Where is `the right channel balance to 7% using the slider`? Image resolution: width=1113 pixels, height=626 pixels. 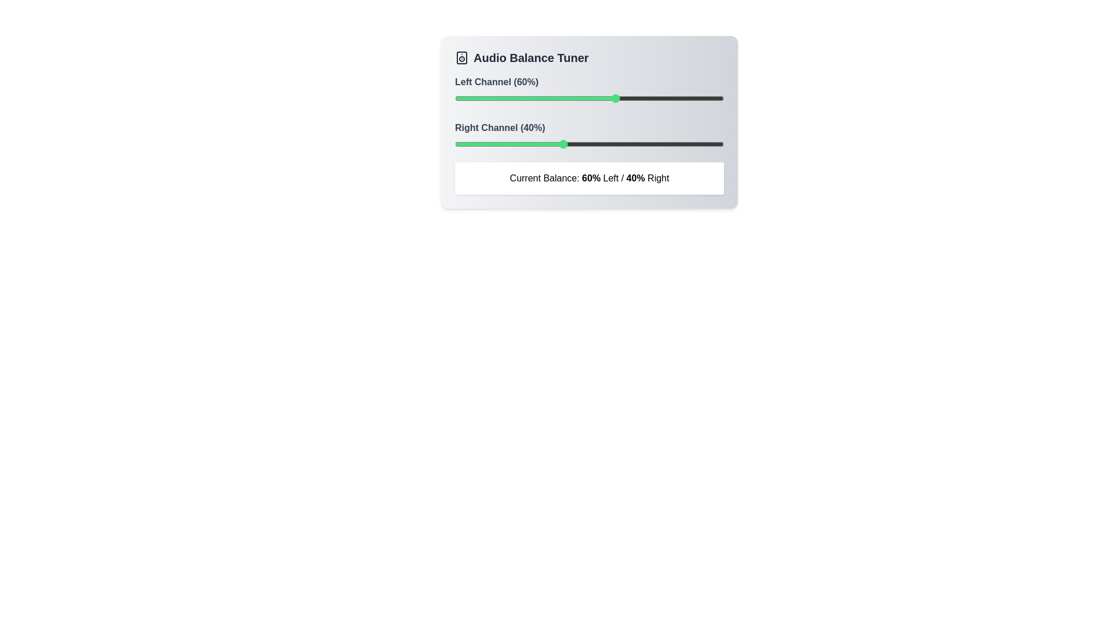 the right channel balance to 7% using the slider is located at coordinates (474, 144).